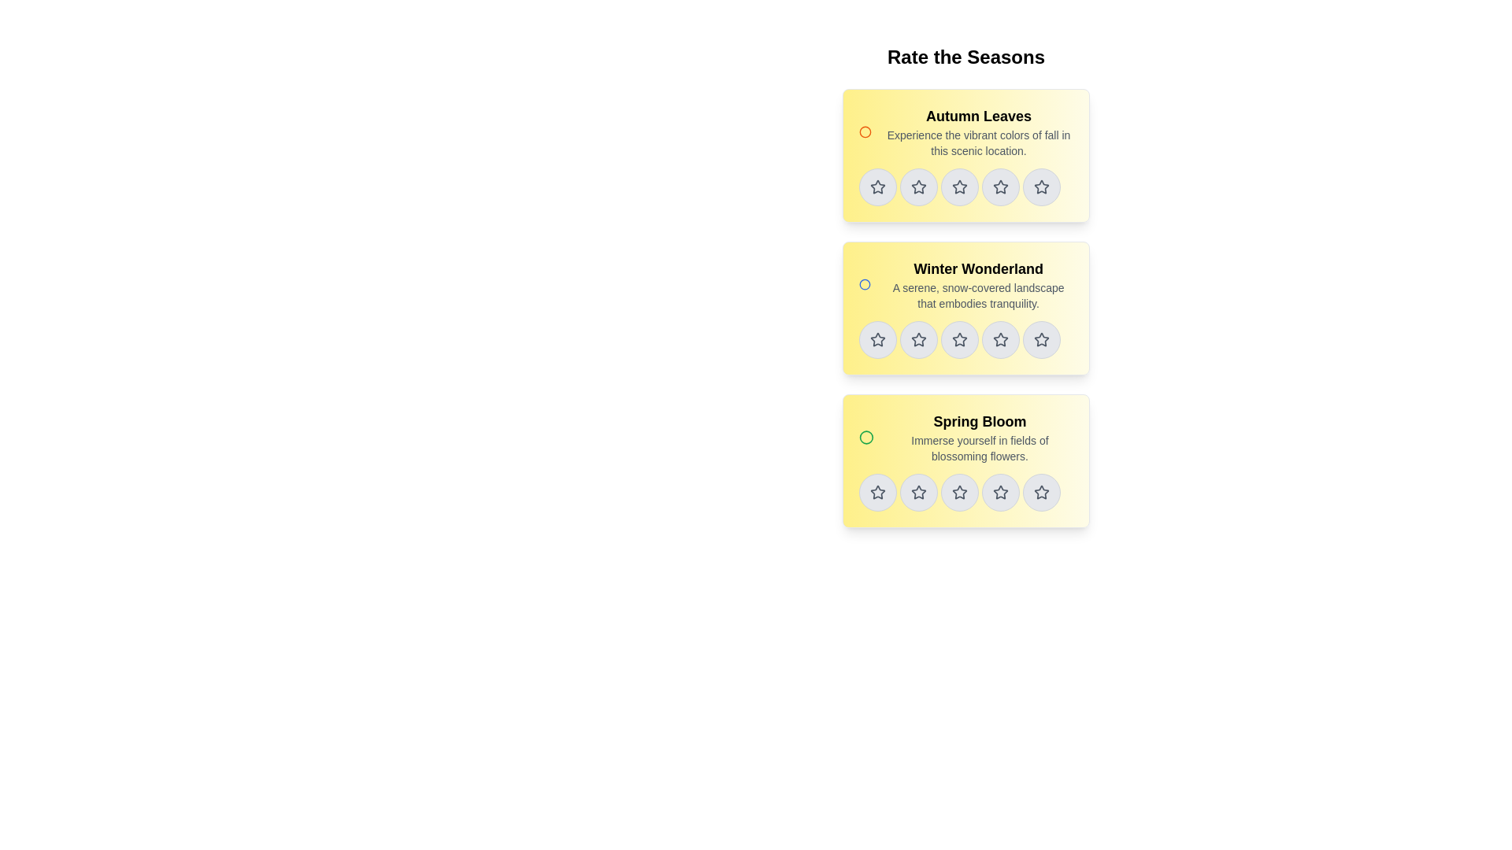  I want to click on the star icon in the third rating row under the title 'Winter Wonderland', so click(965, 339).